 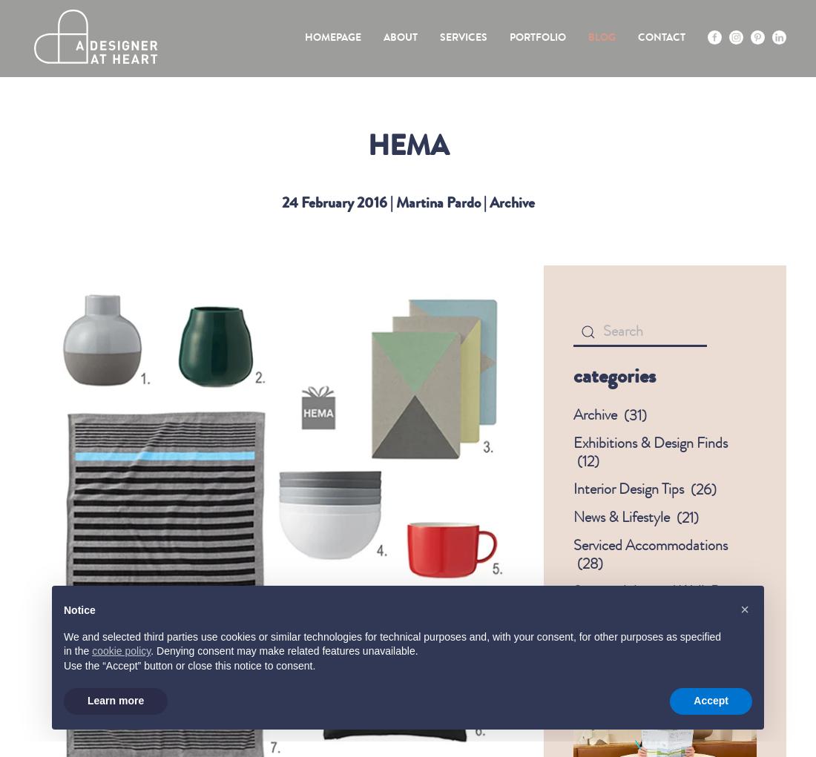 What do you see at coordinates (189, 664) in the screenshot?
I see `'Use the “Accept” button or close this notice to consent.'` at bounding box center [189, 664].